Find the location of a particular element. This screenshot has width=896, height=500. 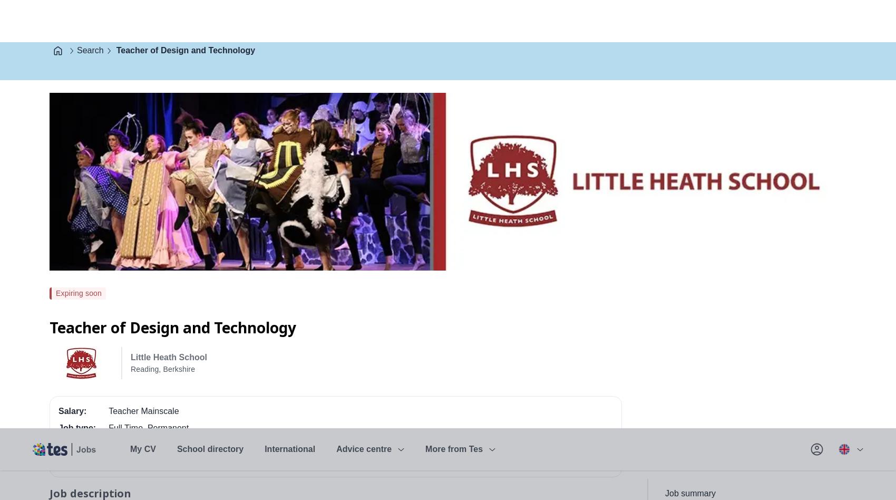

'For an application form and information pack please contact Emma Tedstone at Little Heath School on' is located at coordinates (241, 305).